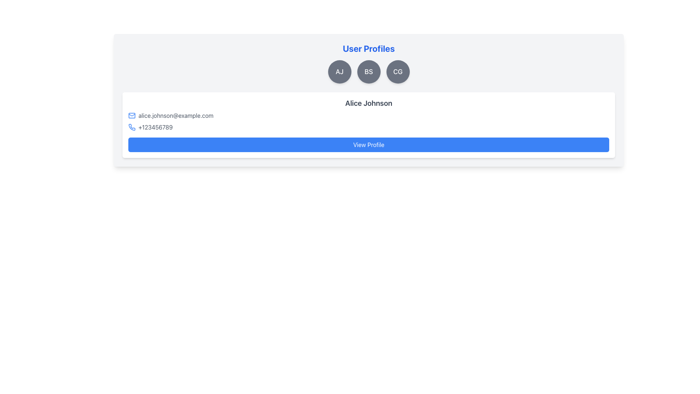 The height and width of the screenshot is (394, 700). I want to click on the phone icon located in the user profile card next to Alice Johnson's phone number, so click(132, 127).